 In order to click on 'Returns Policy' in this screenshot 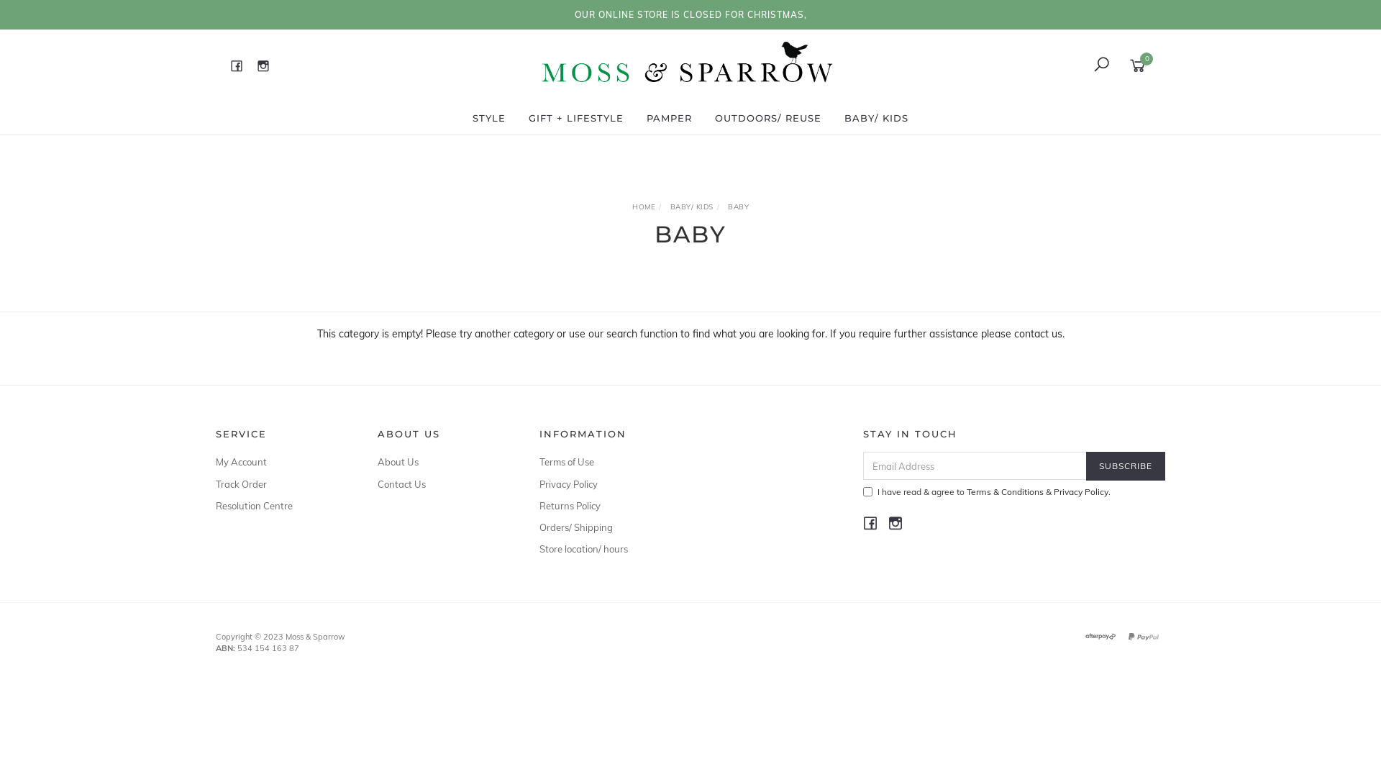, I will do `click(604, 504)`.